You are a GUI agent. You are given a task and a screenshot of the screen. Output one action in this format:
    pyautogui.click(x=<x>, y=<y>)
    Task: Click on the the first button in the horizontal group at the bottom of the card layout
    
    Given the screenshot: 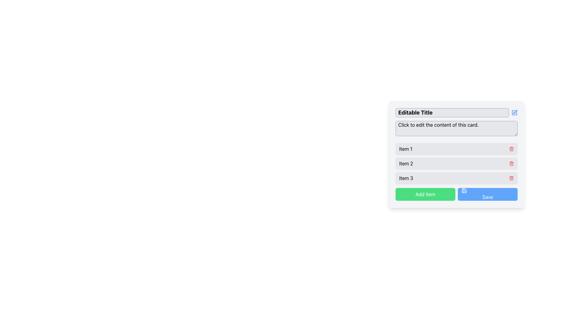 What is the action you would take?
    pyautogui.click(x=425, y=194)
    